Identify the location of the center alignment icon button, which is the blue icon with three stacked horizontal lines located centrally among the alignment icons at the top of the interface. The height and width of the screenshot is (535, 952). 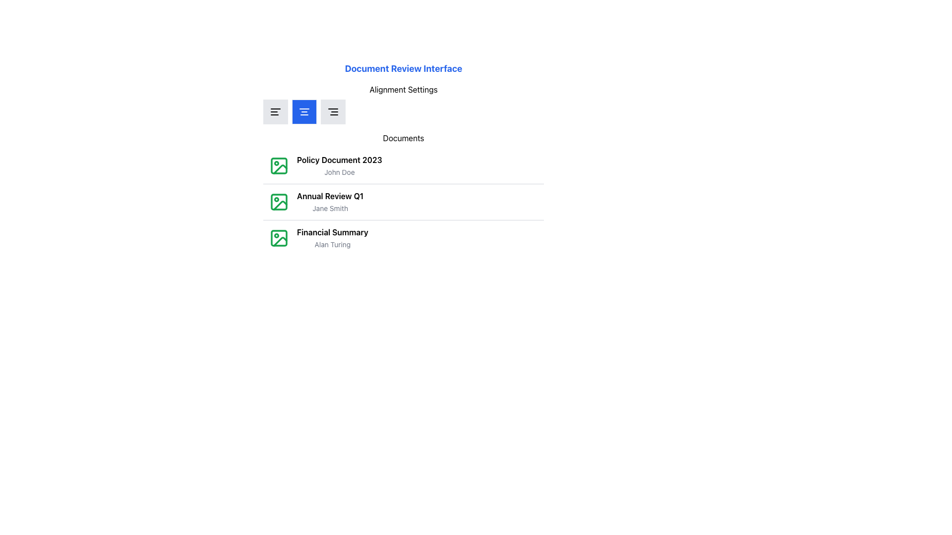
(304, 111).